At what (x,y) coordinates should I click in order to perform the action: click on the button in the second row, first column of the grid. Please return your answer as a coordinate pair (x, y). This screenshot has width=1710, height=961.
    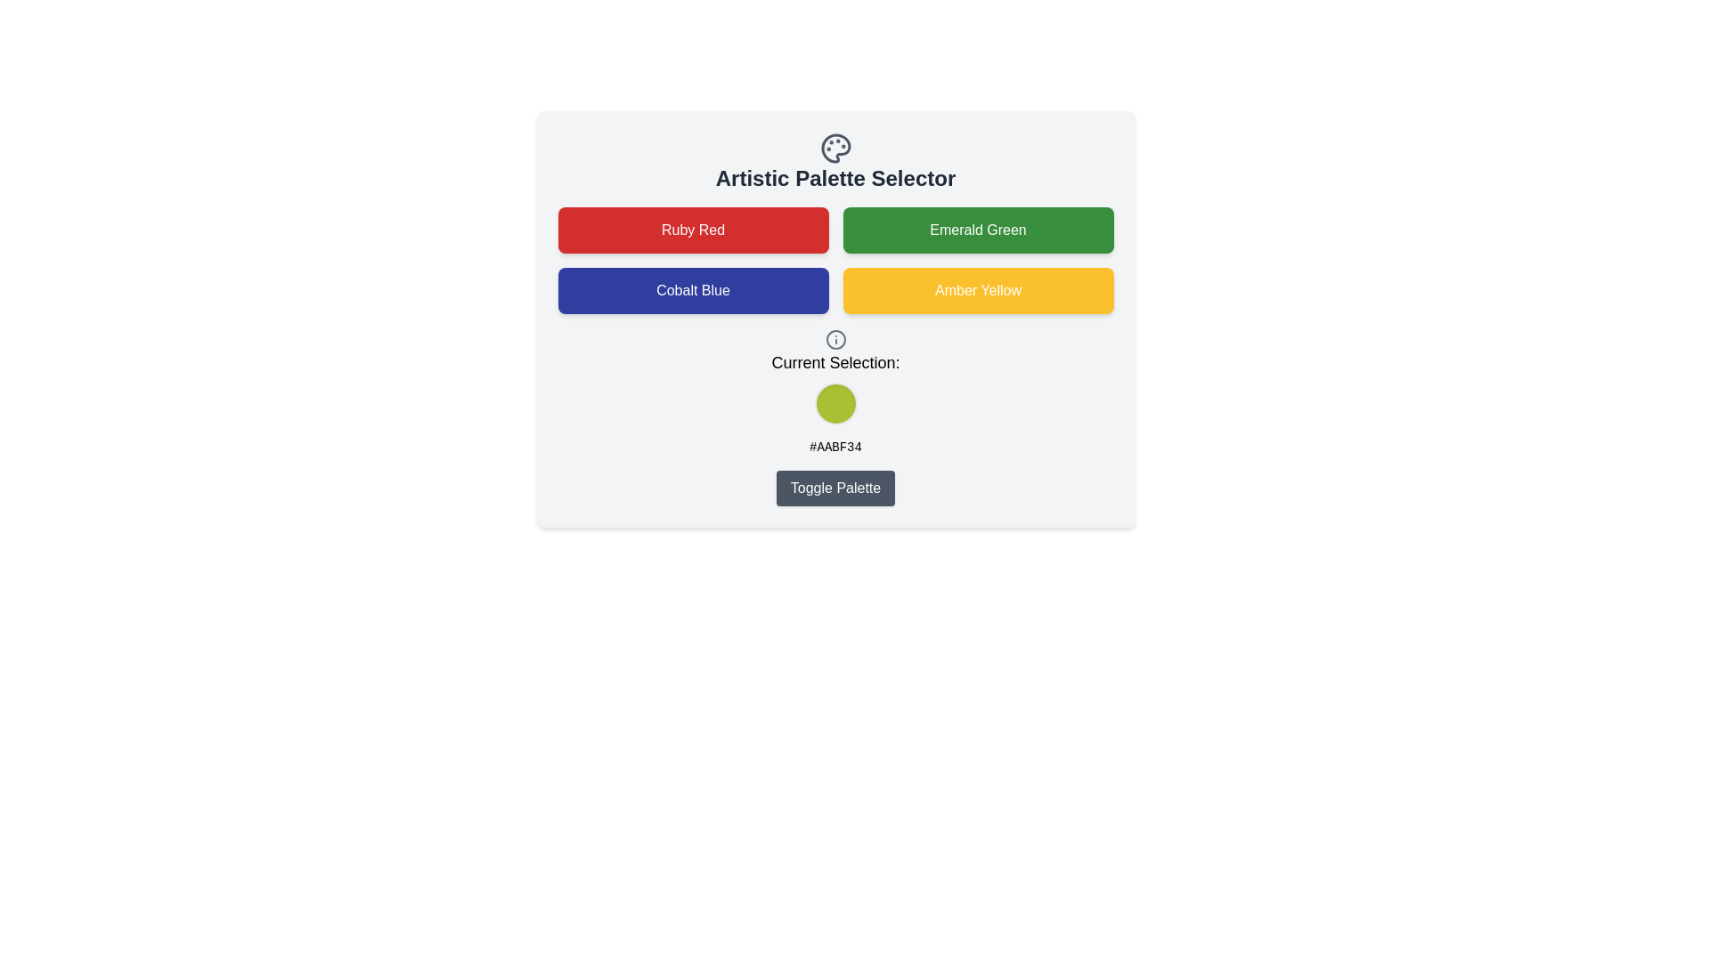
    Looking at the image, I should click on (692, 290).